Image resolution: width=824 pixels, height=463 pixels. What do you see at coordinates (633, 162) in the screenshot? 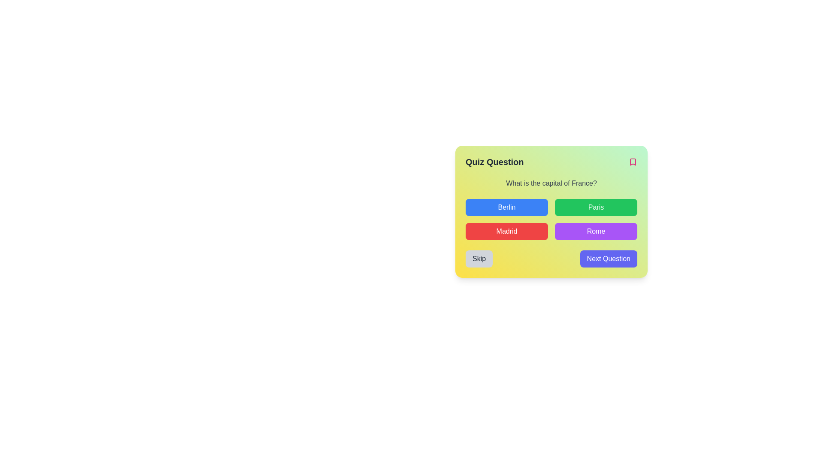
I see `the vibrant pink bookmark icon located on the far right of the 'Quiz Question' header` at bounding box center [633, 162].